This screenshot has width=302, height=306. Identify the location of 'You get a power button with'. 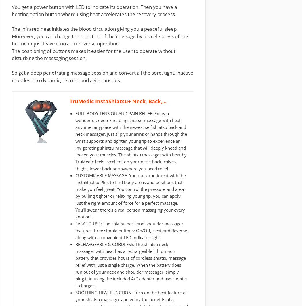
(44, 6).